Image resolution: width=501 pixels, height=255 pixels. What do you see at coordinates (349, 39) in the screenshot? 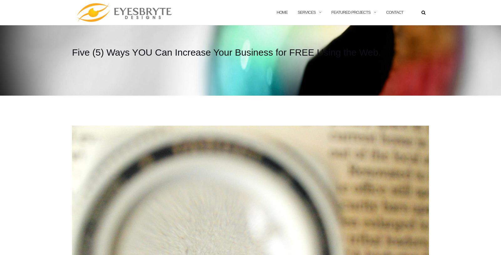
I see `'Logo Design'` at bounding box center [349, 39].